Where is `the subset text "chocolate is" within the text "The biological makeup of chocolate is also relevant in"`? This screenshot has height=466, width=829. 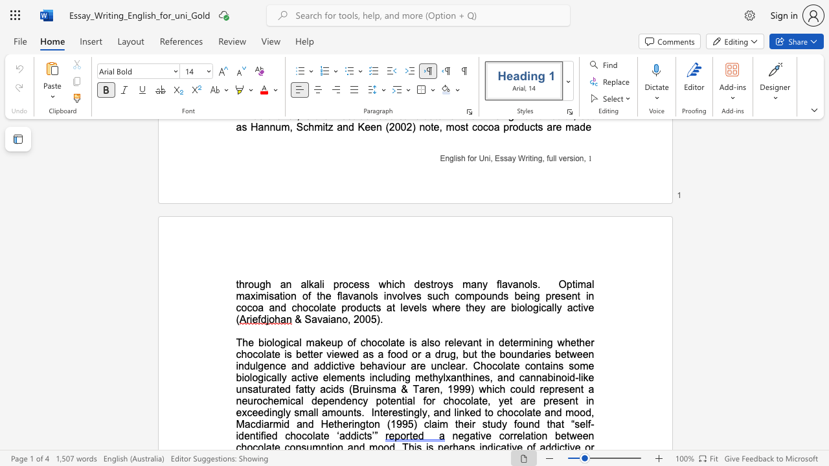 the subset text "chocolate is" within the text "The biological makeup of chocolate is also relevant in" is located at coordinates (360, 342).